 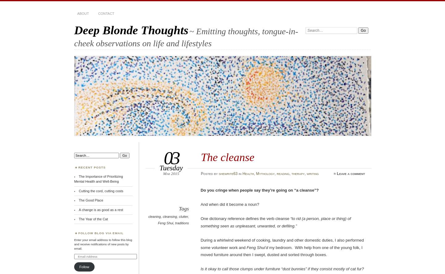 What do you see at coordinates (162, 216) in the screenshot?
I see `'cleansing'` at bounding box center [162, 216].